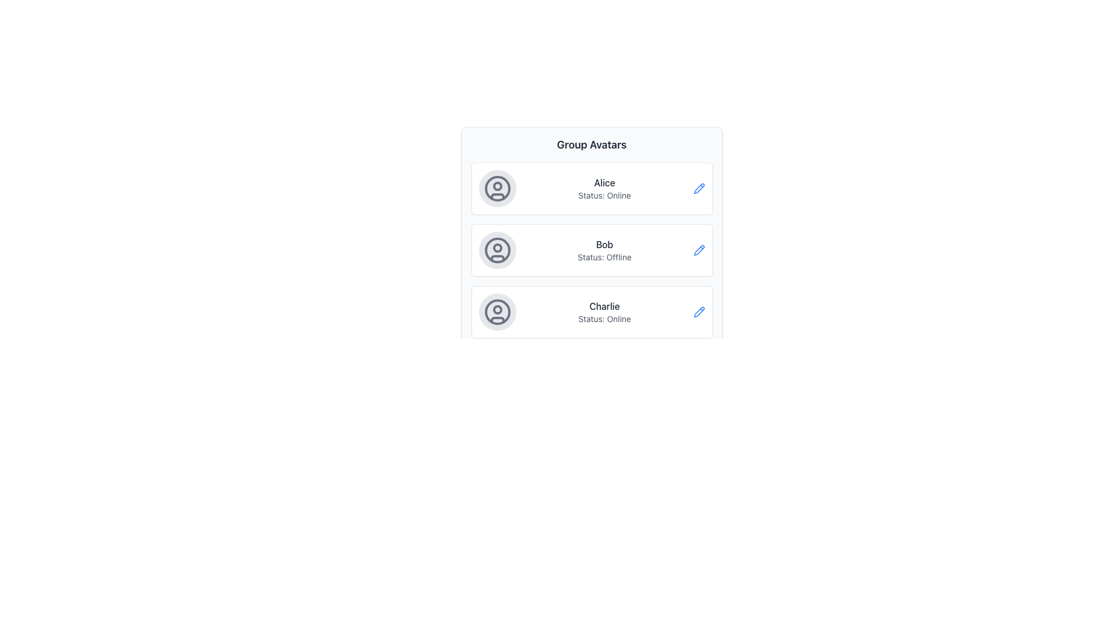 The height and width of the screenshot is (629, 1119). Describe the element at coordinates (497, 188) in the screenshot. I see `the center of the user profile icon, which is a circular icon with a gray color palette depicting a user profile image, located on the first card in a vertical list of user details` at that location.